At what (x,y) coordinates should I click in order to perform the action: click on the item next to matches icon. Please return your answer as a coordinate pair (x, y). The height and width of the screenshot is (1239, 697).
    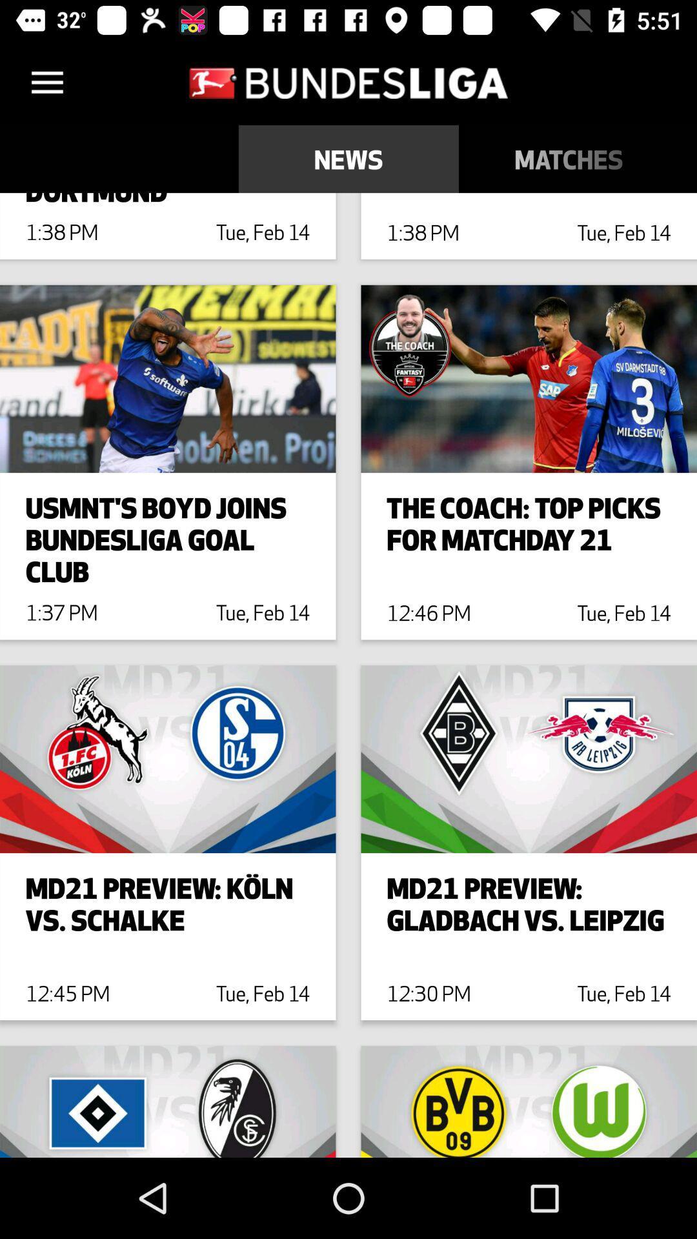
    Looking at the image, I should click on (348, 158).